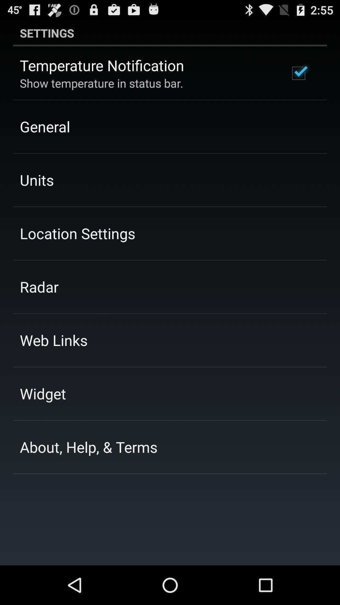  I want to click on the general item, so click(44, 126).